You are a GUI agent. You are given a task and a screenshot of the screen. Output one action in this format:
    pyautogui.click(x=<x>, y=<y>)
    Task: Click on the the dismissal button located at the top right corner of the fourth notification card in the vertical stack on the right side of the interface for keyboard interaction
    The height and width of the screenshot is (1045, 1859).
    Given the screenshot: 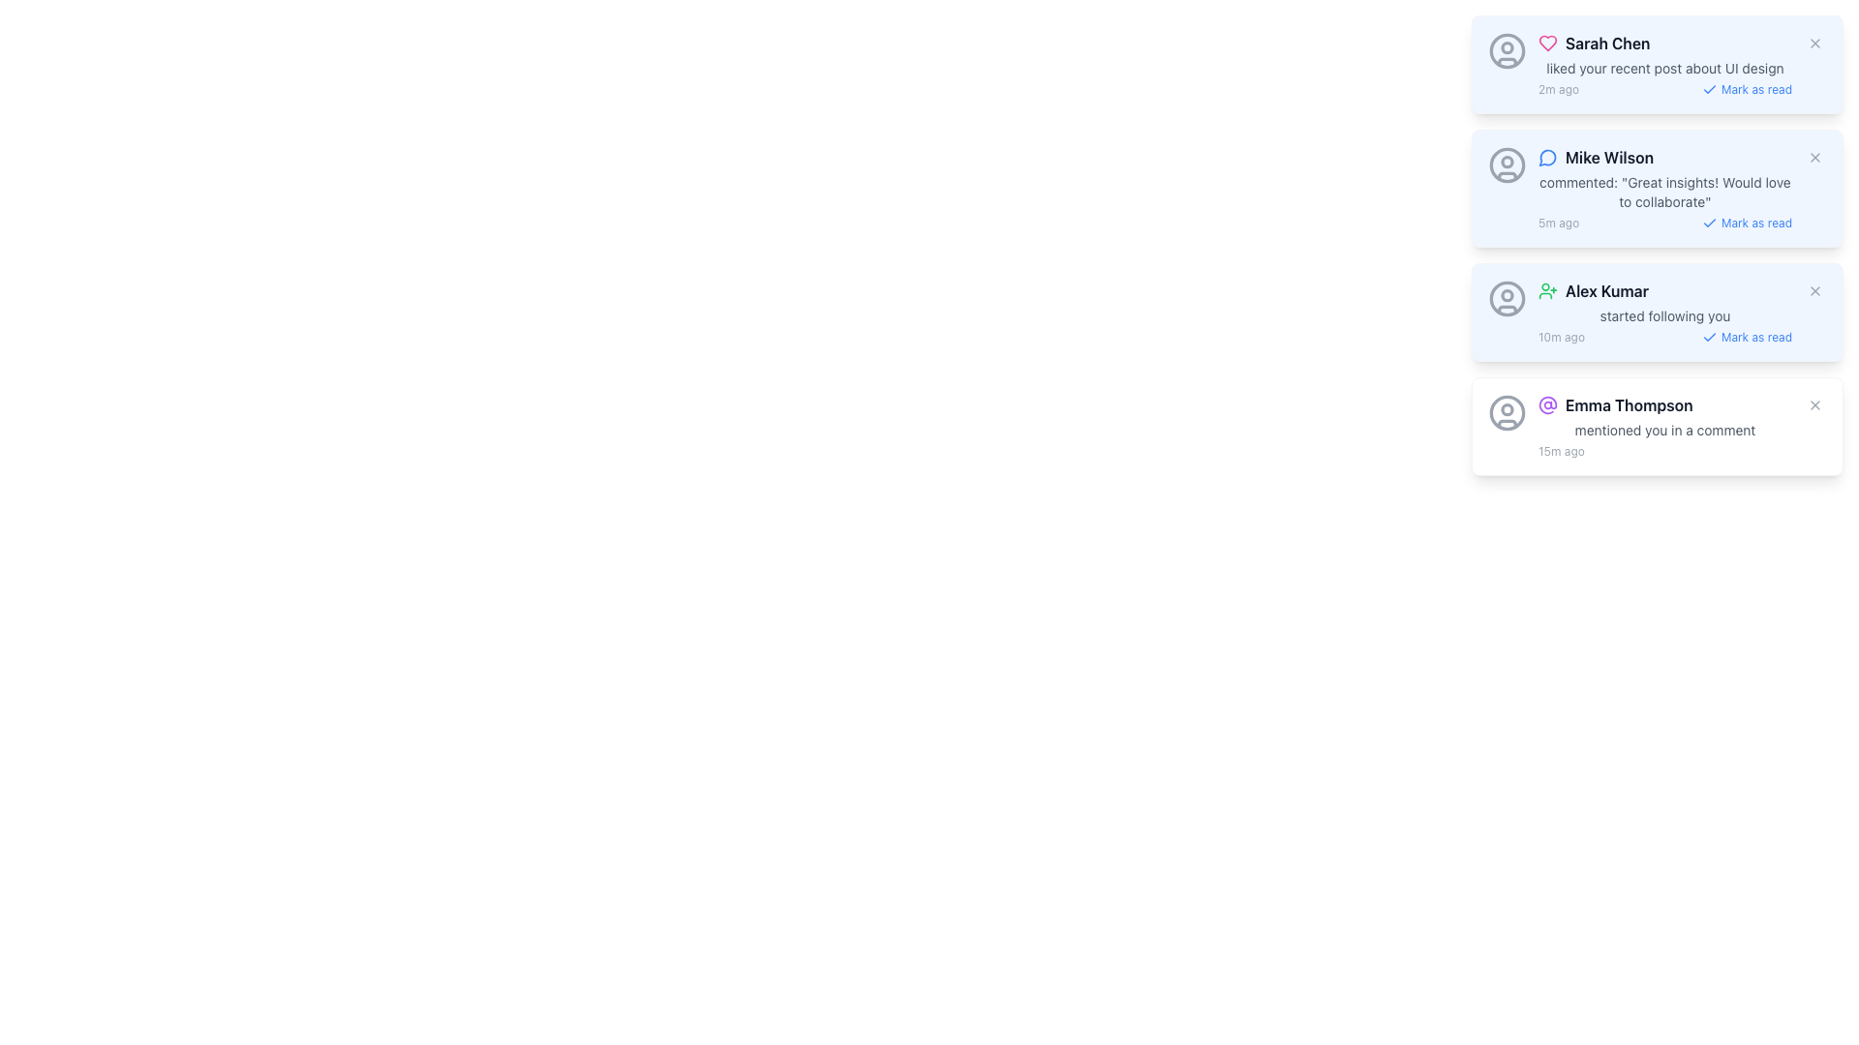 What is the action you would take?
    pyautogui.click(x=1814, y=404)
    